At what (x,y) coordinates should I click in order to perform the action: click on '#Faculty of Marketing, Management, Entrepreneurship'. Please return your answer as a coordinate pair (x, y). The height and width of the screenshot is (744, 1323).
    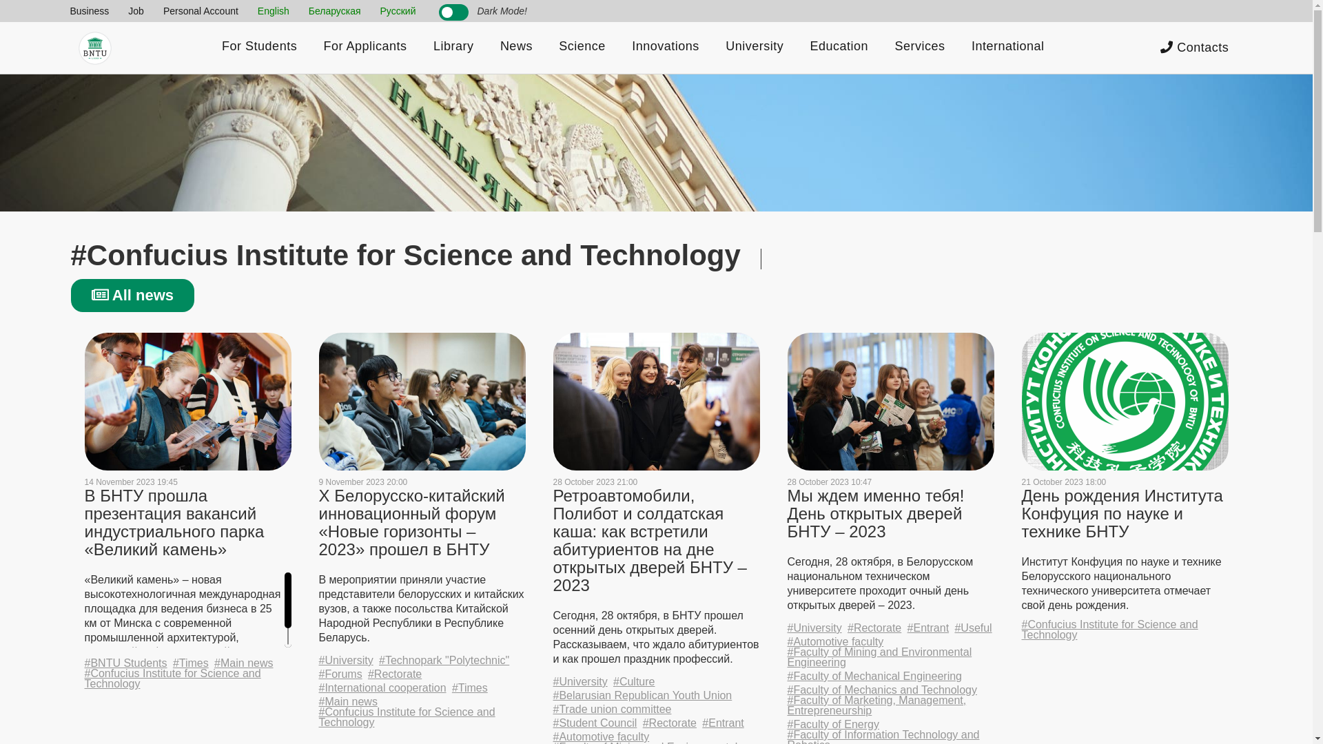
    Looking at the image, I should click on (890, 705).